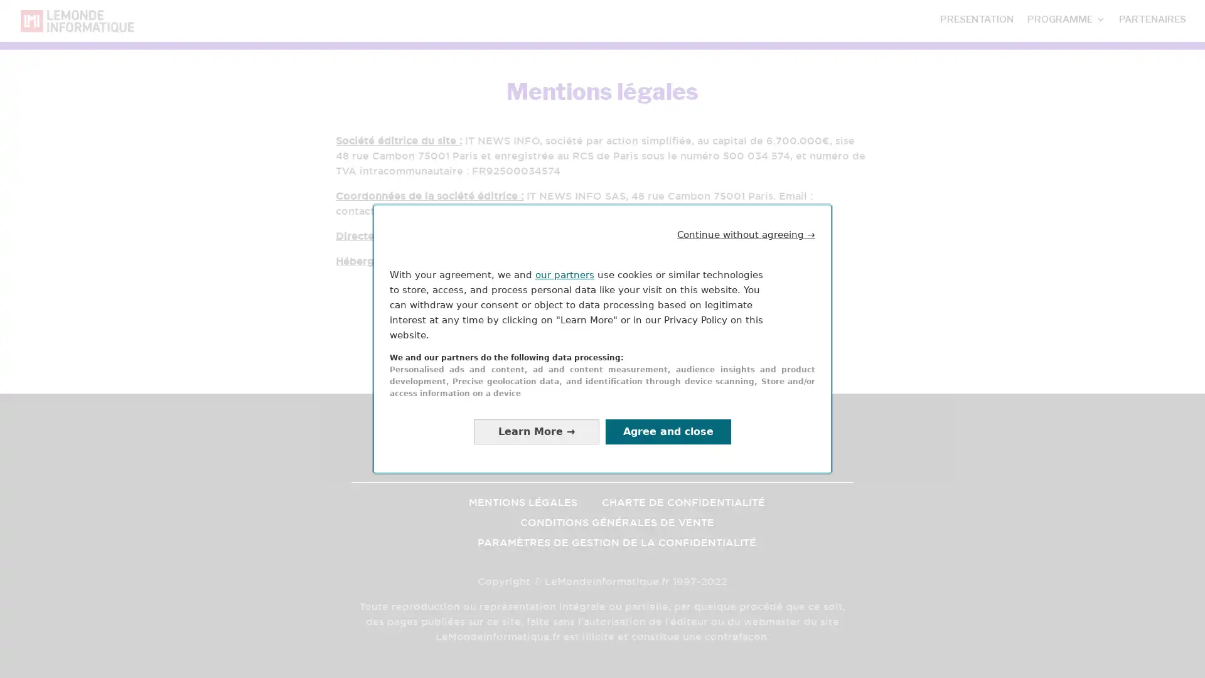 Image resolution: width=1205 pixels, height=678 pixels. I want to click on Continue without agreeing, so click(746, 234).